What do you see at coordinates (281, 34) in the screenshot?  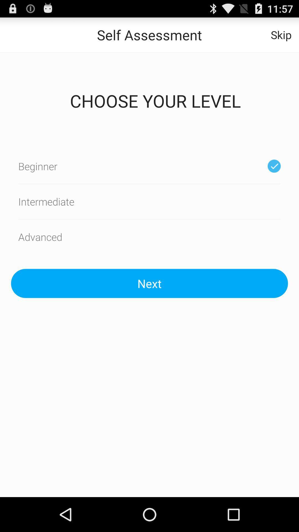 I see `item next to the self assessment icon` at bounding box center [281, 34].